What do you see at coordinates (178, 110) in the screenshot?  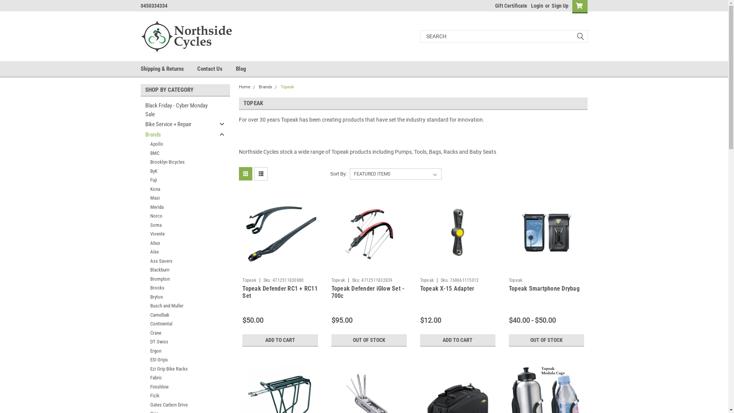 I see `'Black Friday - Cyber Monday Sale'` at bounding box center [178, 110].